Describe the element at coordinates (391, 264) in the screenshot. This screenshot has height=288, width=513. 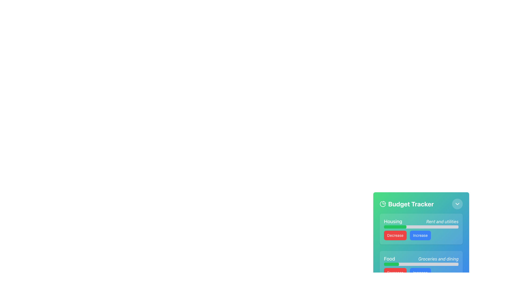
I see `the green progress bar representing 20% of the 'Food' category within the 'Budget Tracker' card interface` at that location.